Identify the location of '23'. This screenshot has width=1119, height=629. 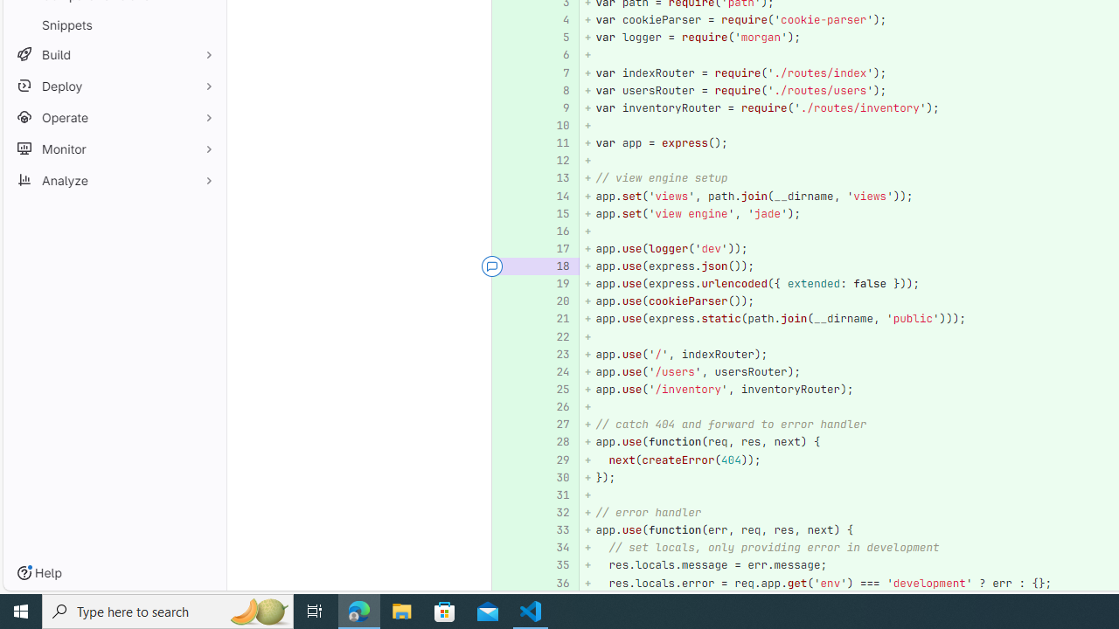
(553, 354).